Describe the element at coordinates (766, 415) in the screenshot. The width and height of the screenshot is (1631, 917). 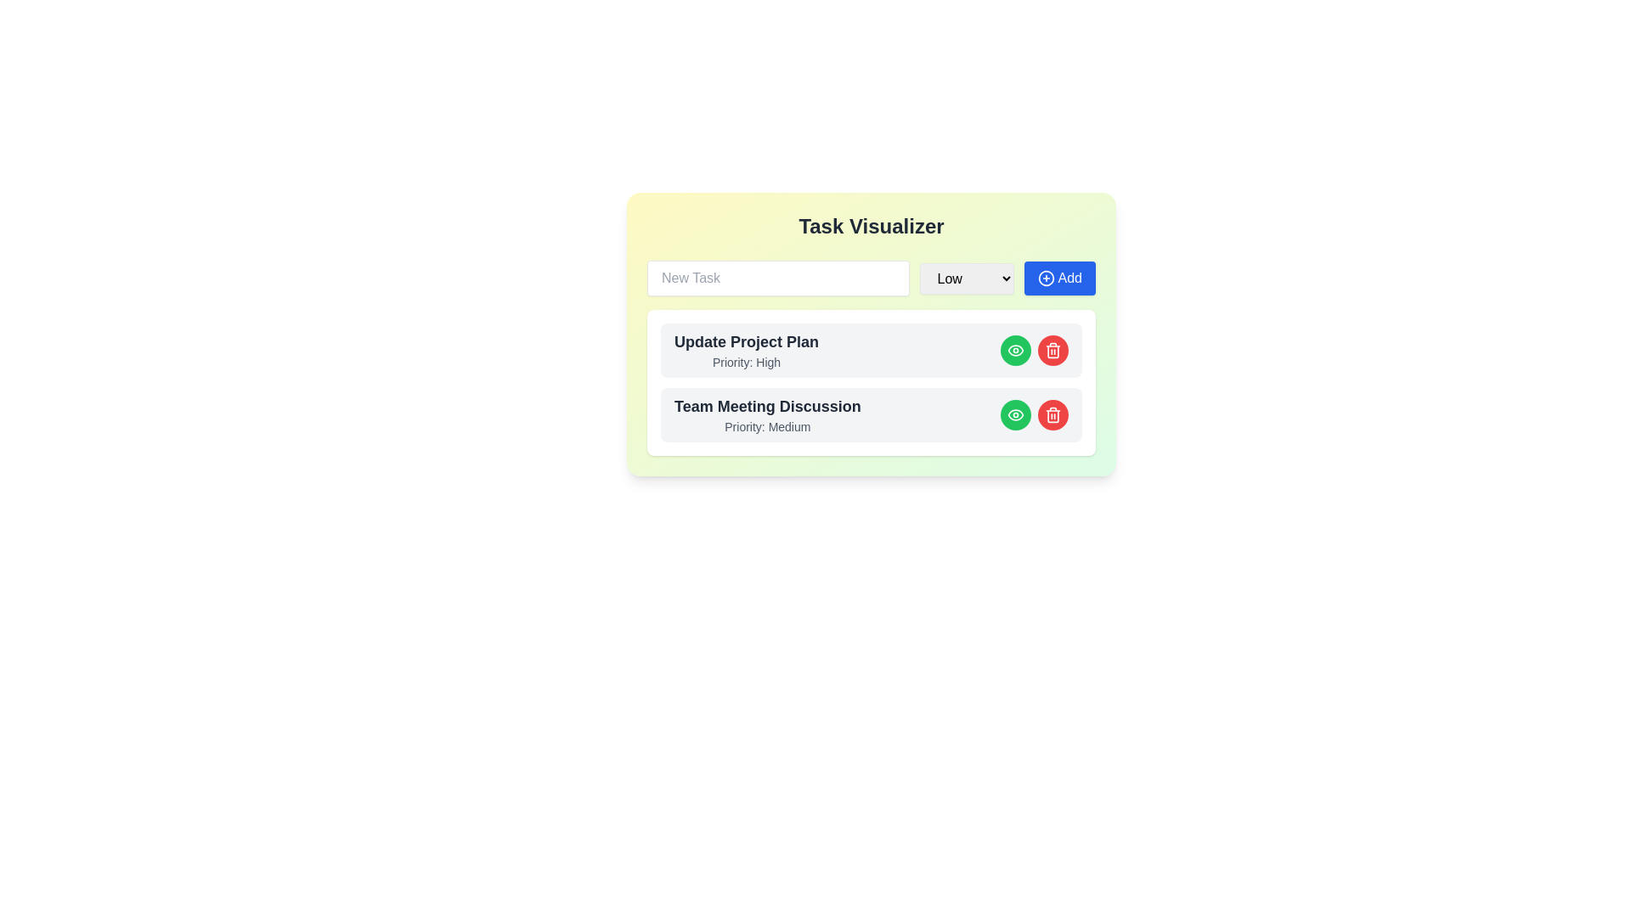
I see `the Text and Icon Group that displays 'Team Meeting Discussion' and 'Priority: Medium', located below the 'Update Project Plan' task item` at that location.